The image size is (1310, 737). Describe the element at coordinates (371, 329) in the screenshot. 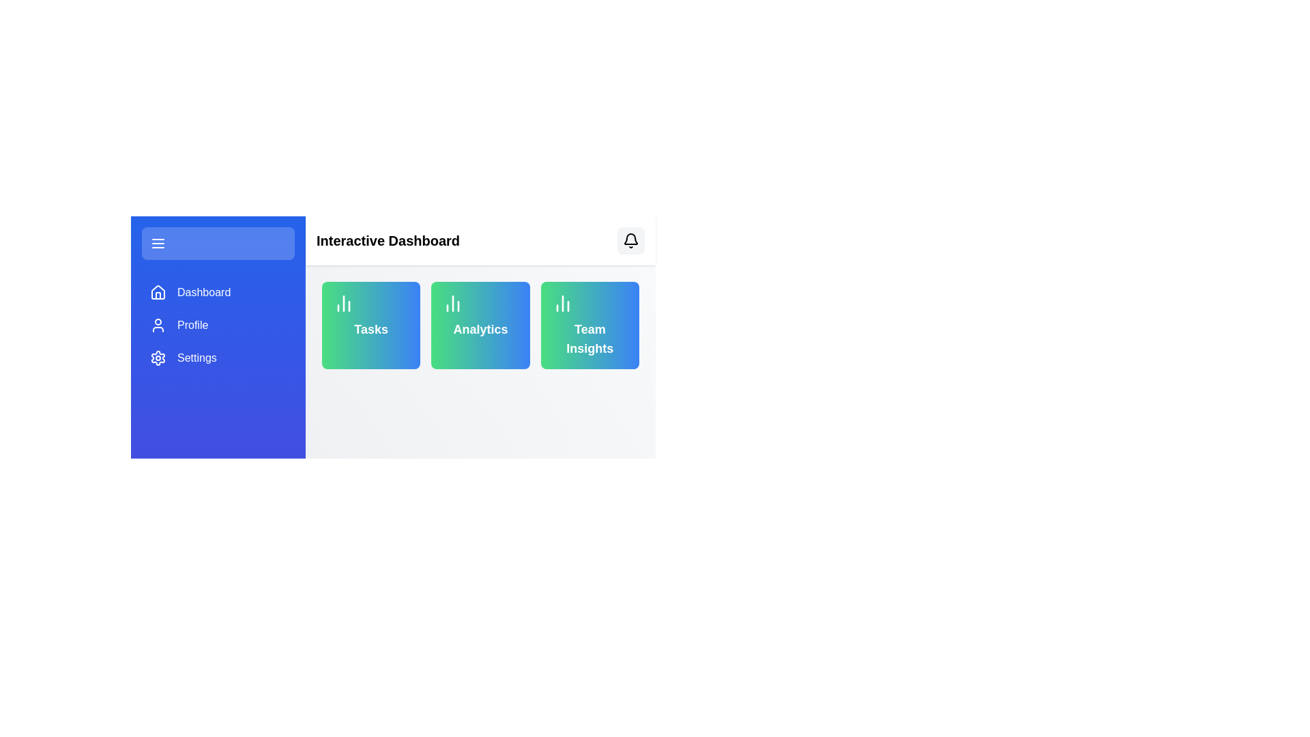

I see `text content of the 'Tasks' label located within the first card on the dashboard, positioned below the bar chart icon` at that location.